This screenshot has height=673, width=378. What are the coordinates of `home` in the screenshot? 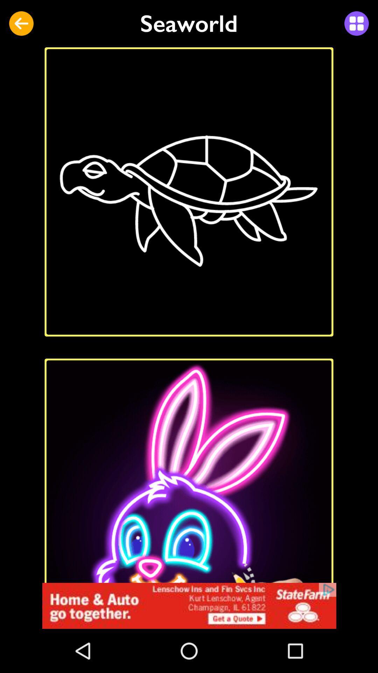 It's located at (189, 605).